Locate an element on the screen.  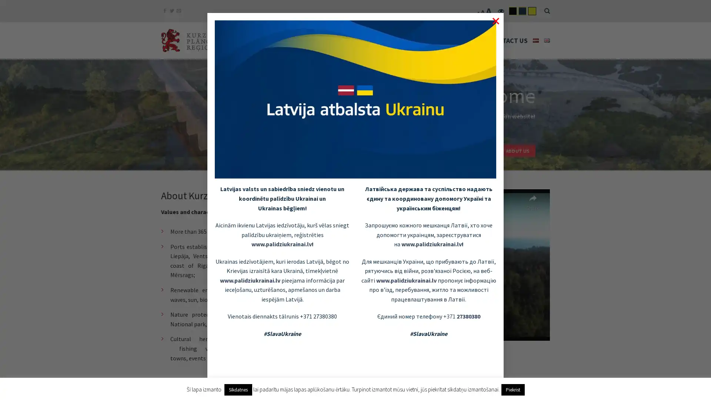
flatsome-yelow is located at coordinates (531, 11).